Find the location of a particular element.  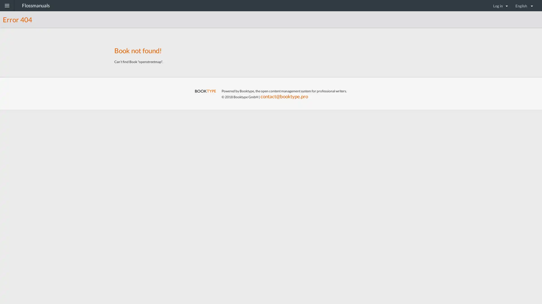

Log in is located at coordinates (500, 6).